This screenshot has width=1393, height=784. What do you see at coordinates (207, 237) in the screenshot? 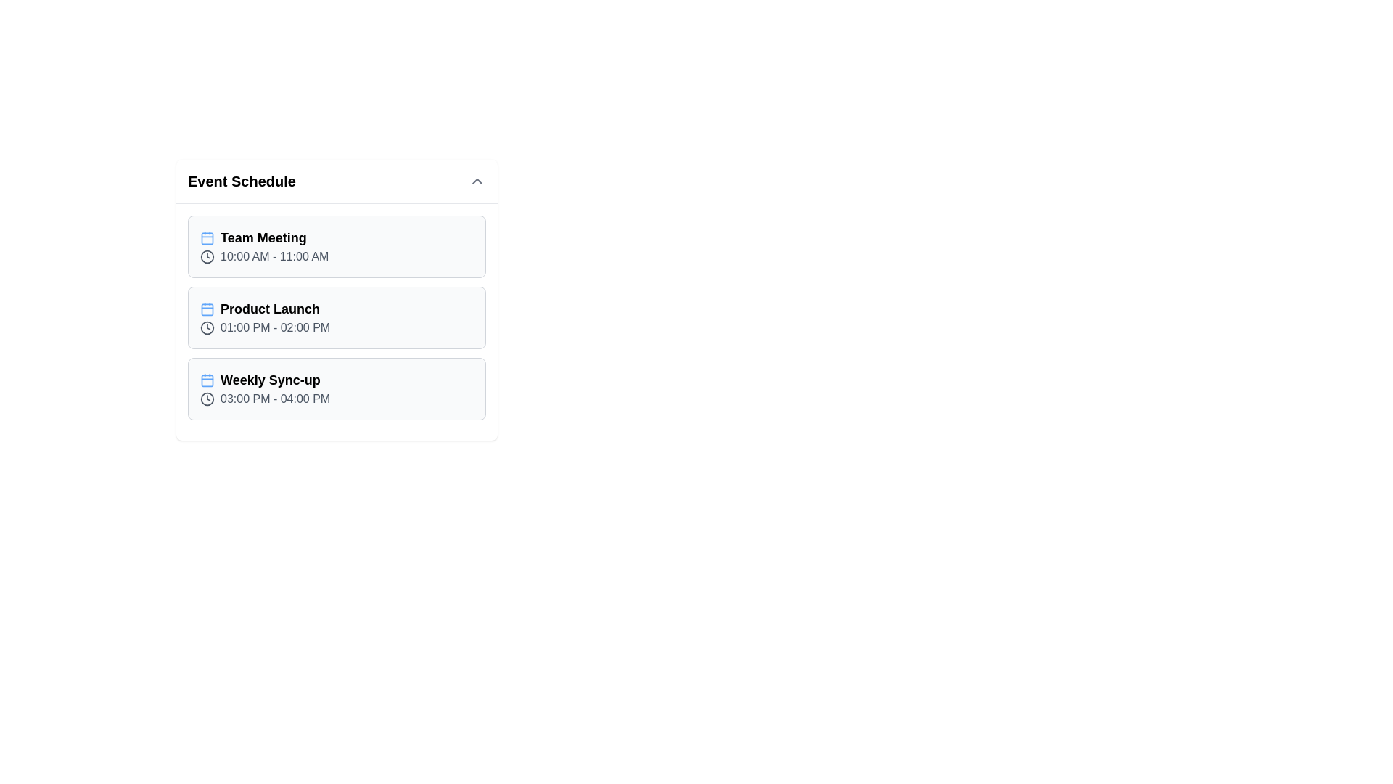
I see `the calendar icon styled as an SVG graphic` at bounding box center [207, 237].